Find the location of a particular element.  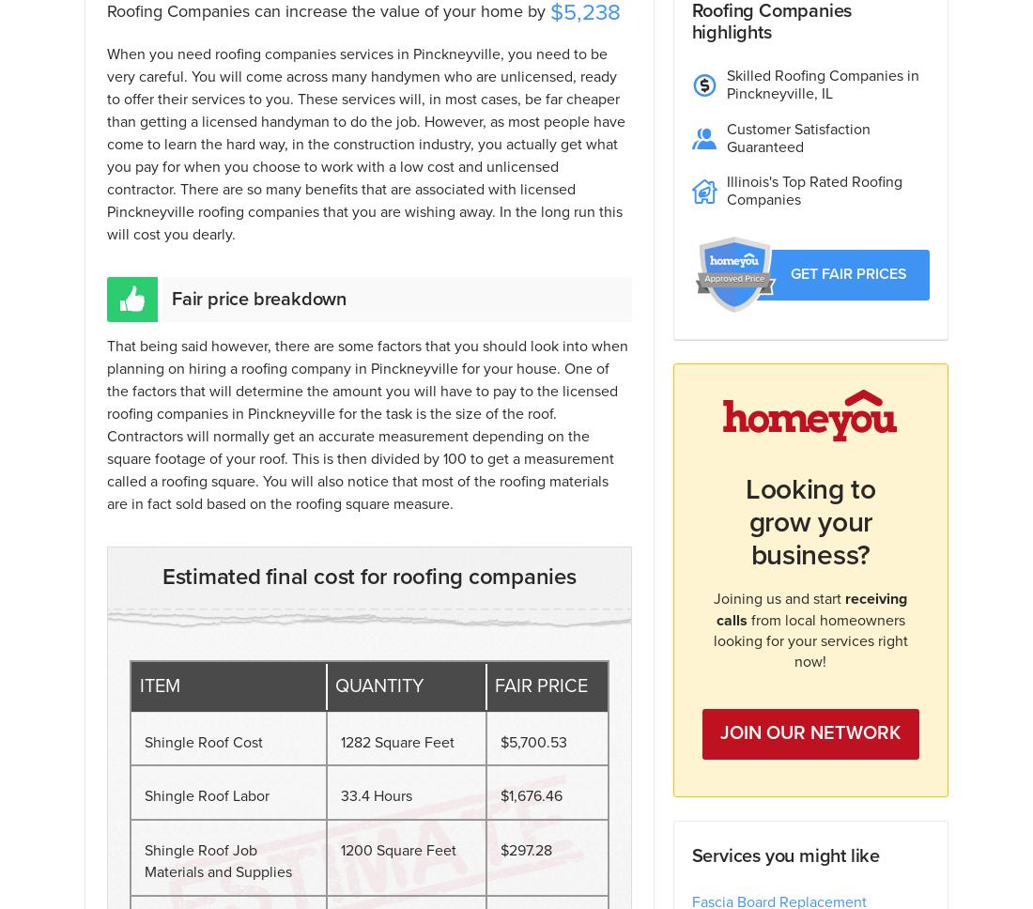

'$297.28' is located at coordinates (499, 851).